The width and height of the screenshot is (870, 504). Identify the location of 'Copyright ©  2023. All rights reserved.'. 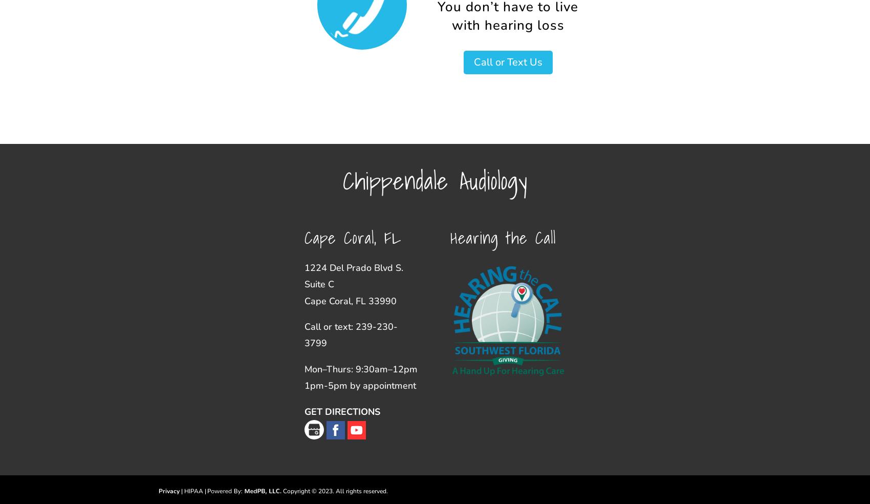
(335, 491).